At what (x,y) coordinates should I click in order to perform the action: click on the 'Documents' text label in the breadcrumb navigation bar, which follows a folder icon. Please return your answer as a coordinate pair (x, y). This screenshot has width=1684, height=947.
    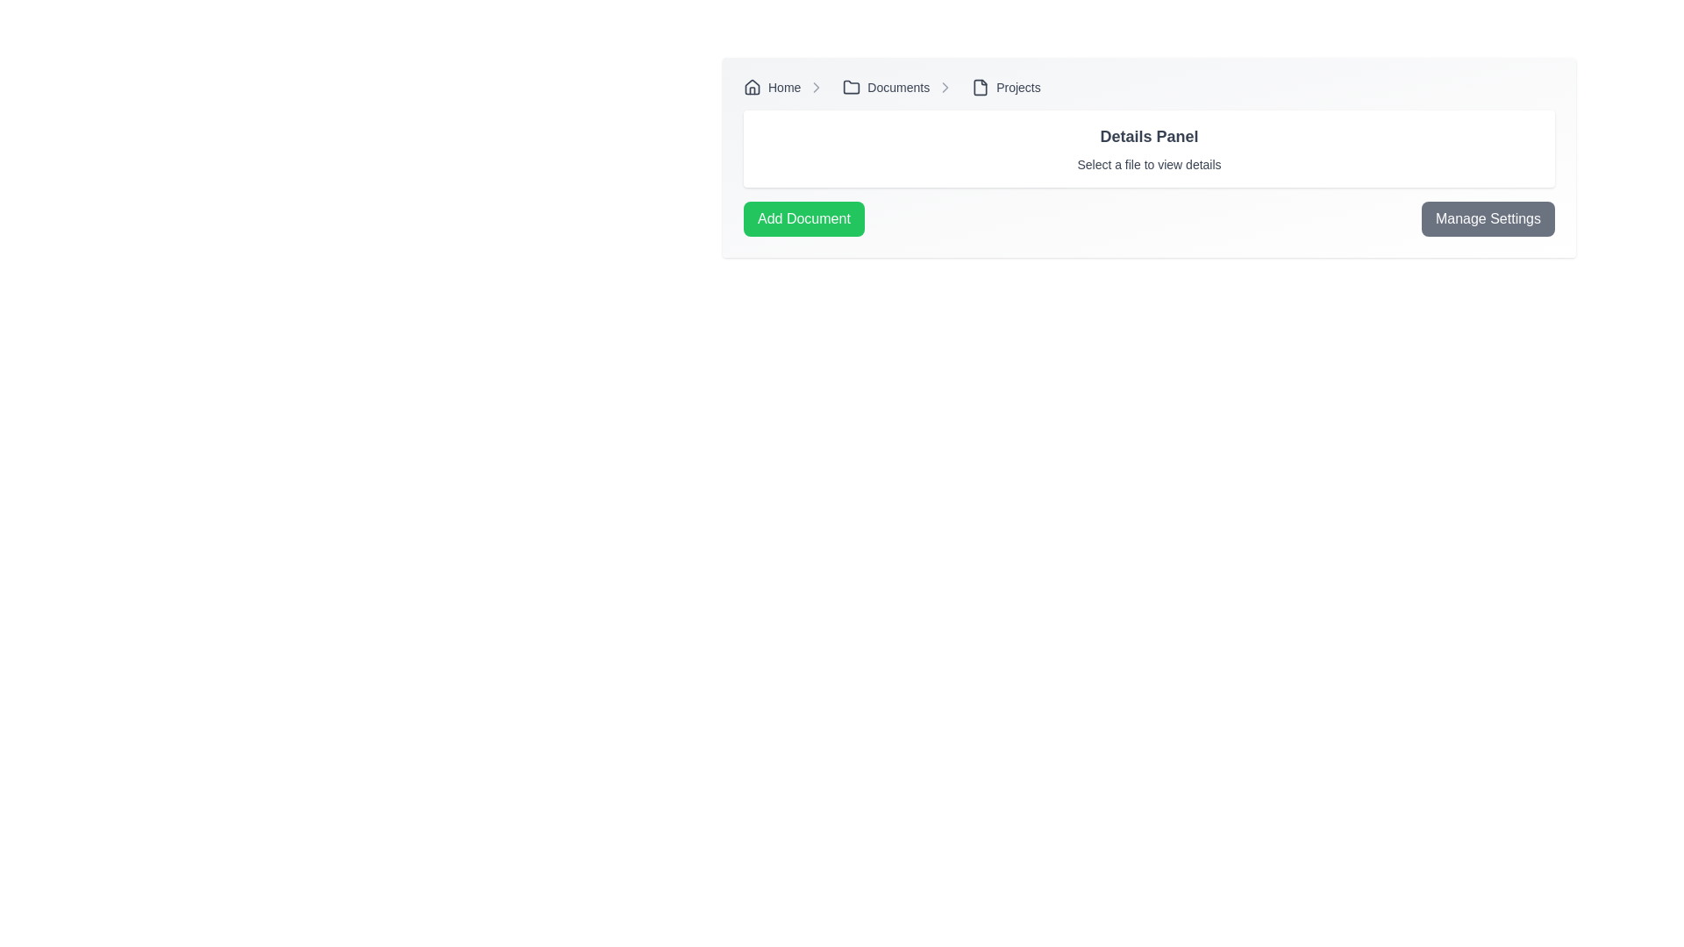
    Looking at the image, I should click on (898, 88).